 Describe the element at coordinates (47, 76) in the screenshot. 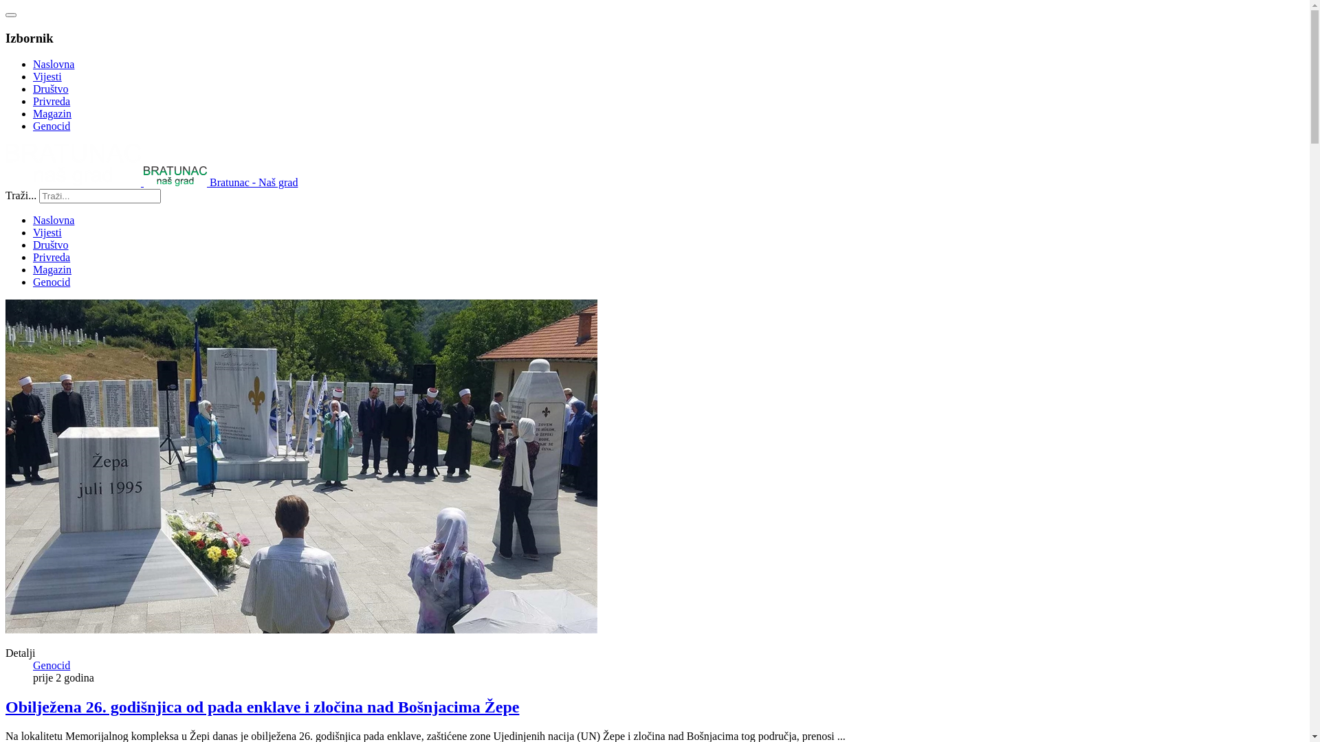

I see `'Vijesti'` at that location.